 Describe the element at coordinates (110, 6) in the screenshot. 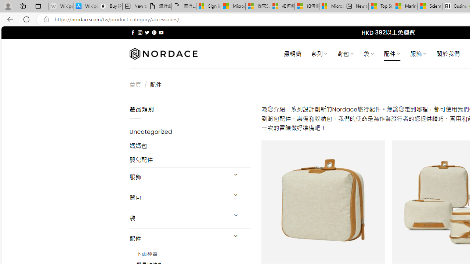

I see `'Buy iPad - Apple'` at that location.